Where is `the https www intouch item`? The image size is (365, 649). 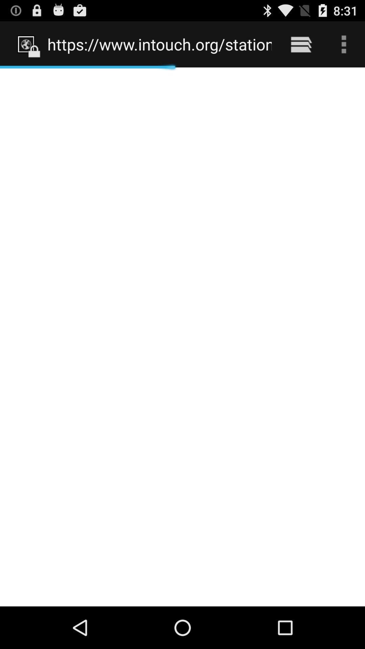 the https www intouch item is located at coordinates (160, 44).